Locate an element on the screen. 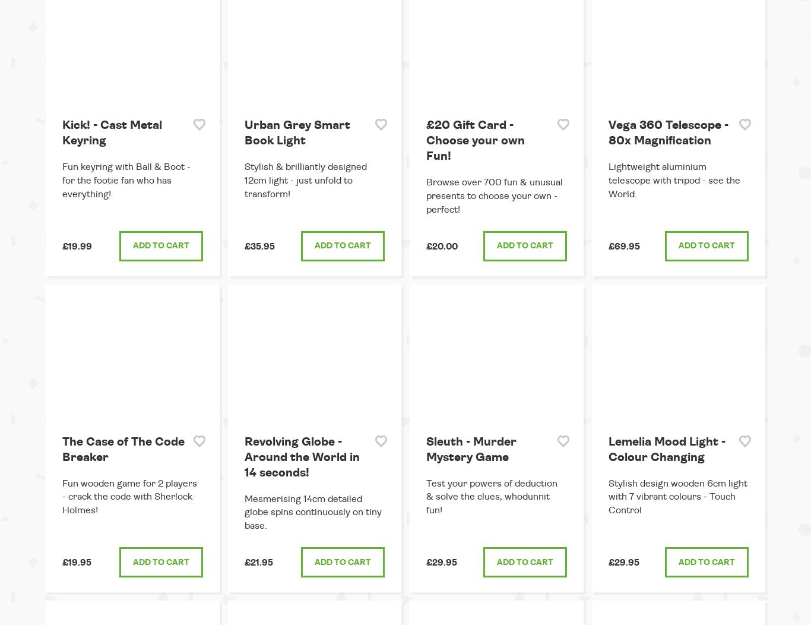  '£69.95' is located at coordinates (623, 245).